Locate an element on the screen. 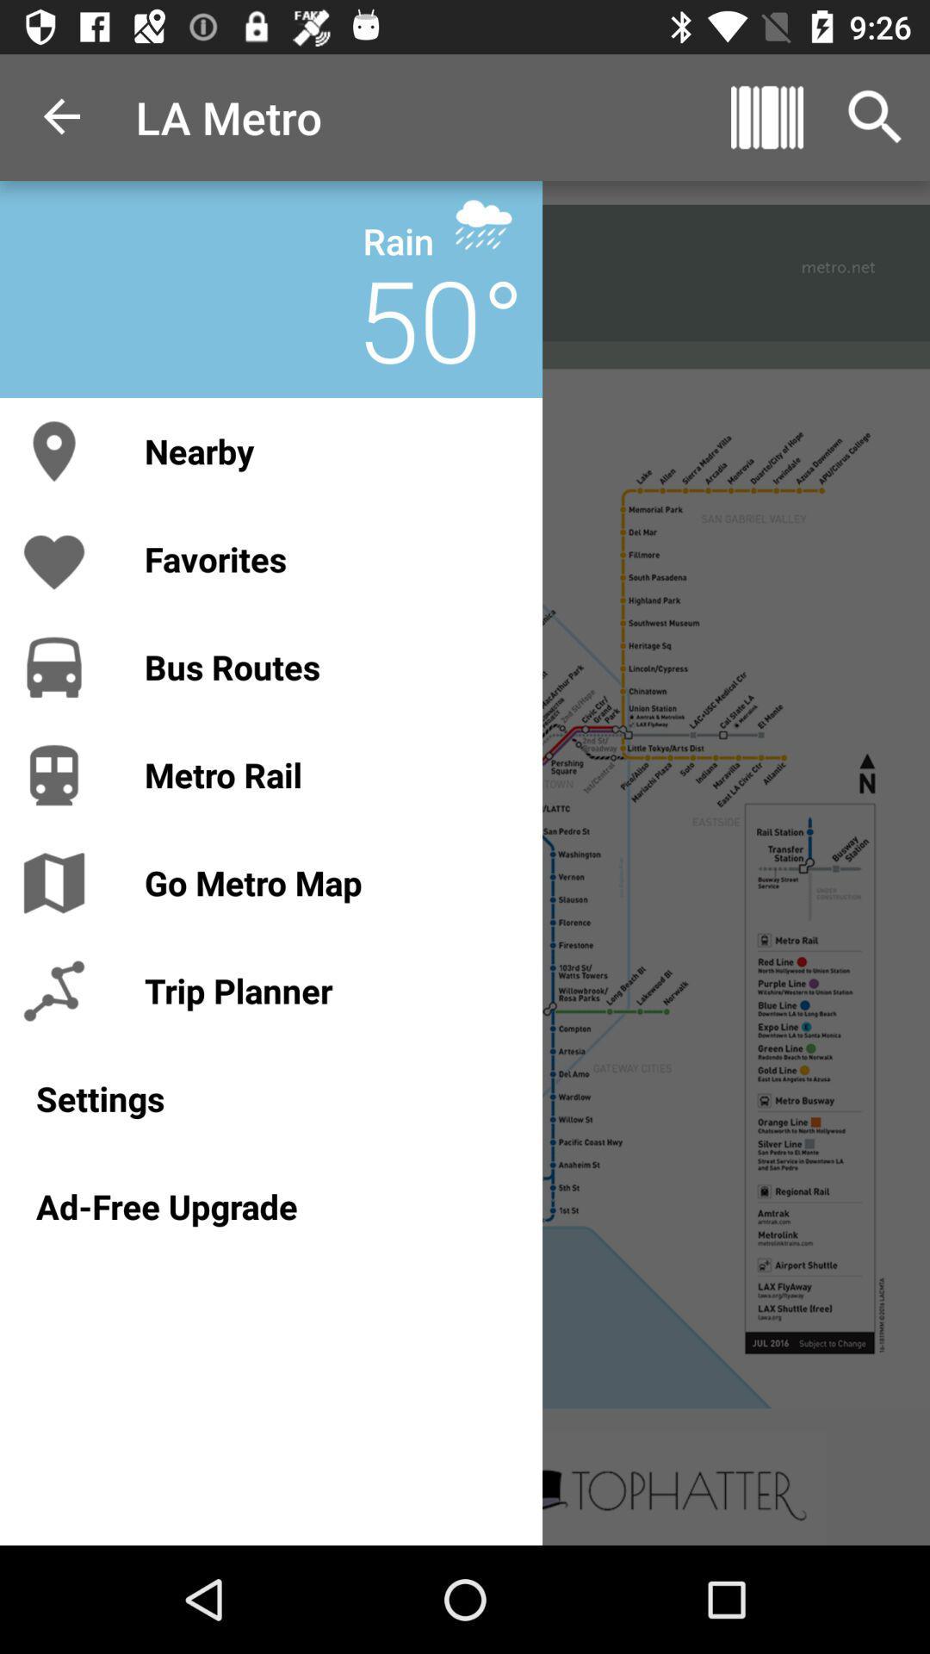 Image resolution: width=930 pixels, height=1654 pixels. the icon to the left of la metro item is located at coordinates (62, 116).